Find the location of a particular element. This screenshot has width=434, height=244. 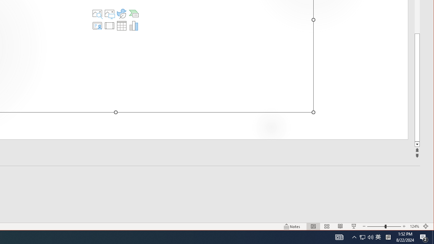

'Insert a SmartArt Graphic' is located at coordinates (134, 13).